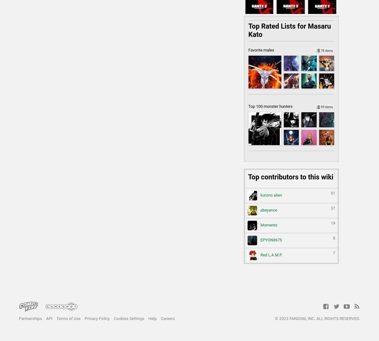 Image resolution: width=379 pixels, height=341 pixels. Describe the element at coordinates (331, 222) in the screenshot. I see `'19'` at that location.